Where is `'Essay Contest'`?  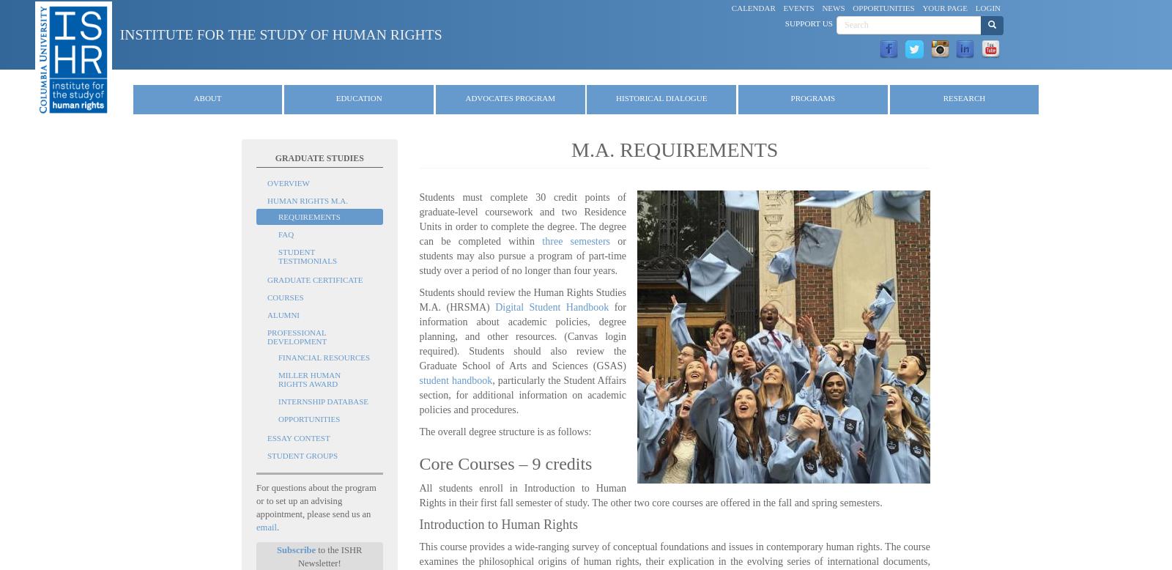 'Essay Contest' is located at coordinates (297, 437).